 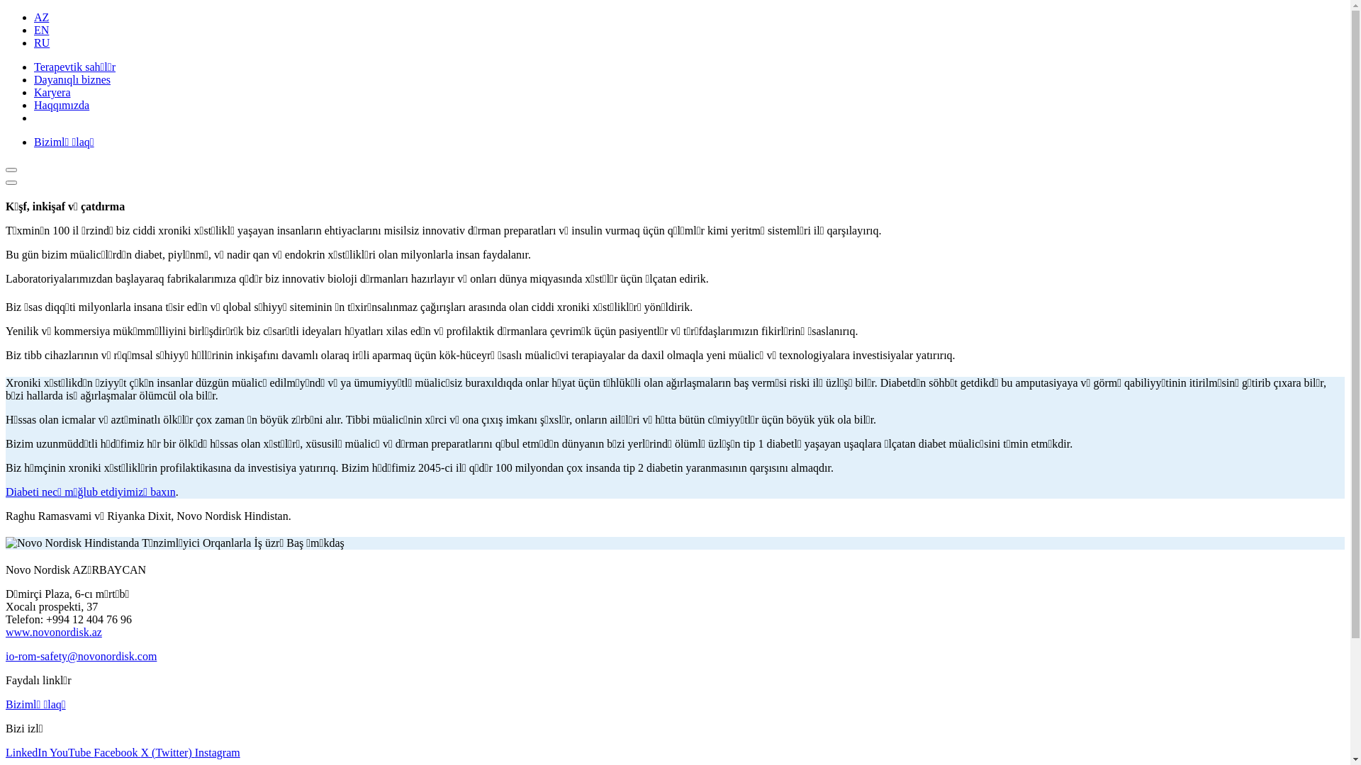 What do you see at coordinates (93, 752) in the screenshot?
I see `'Facebook'` at bounding box center [93, 752].